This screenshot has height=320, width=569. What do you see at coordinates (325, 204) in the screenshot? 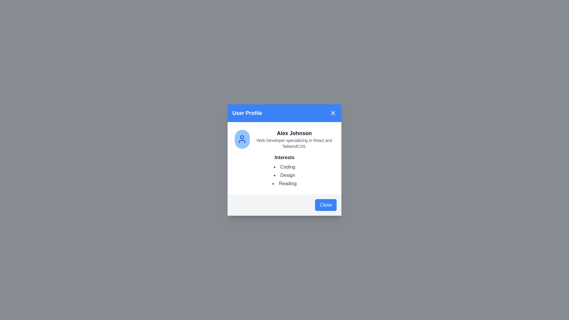
I see `the close button located on the right side of the light gray footer bar at the bottom of the modal dialog` at bounding box center [325, 204].